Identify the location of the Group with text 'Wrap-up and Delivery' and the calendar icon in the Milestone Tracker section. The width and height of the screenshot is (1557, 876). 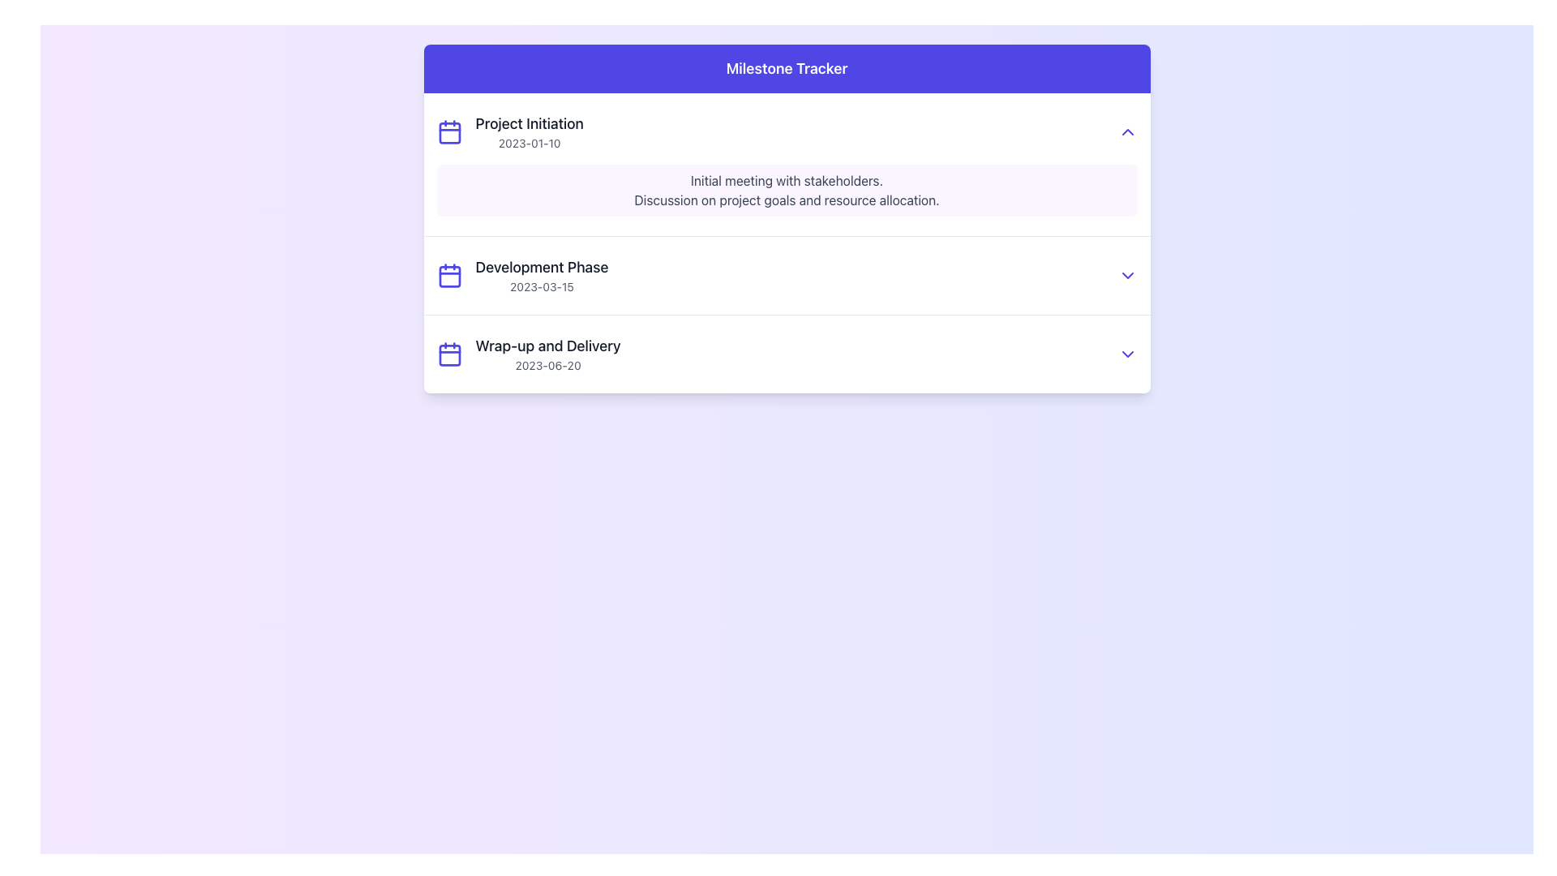
(529, 353).